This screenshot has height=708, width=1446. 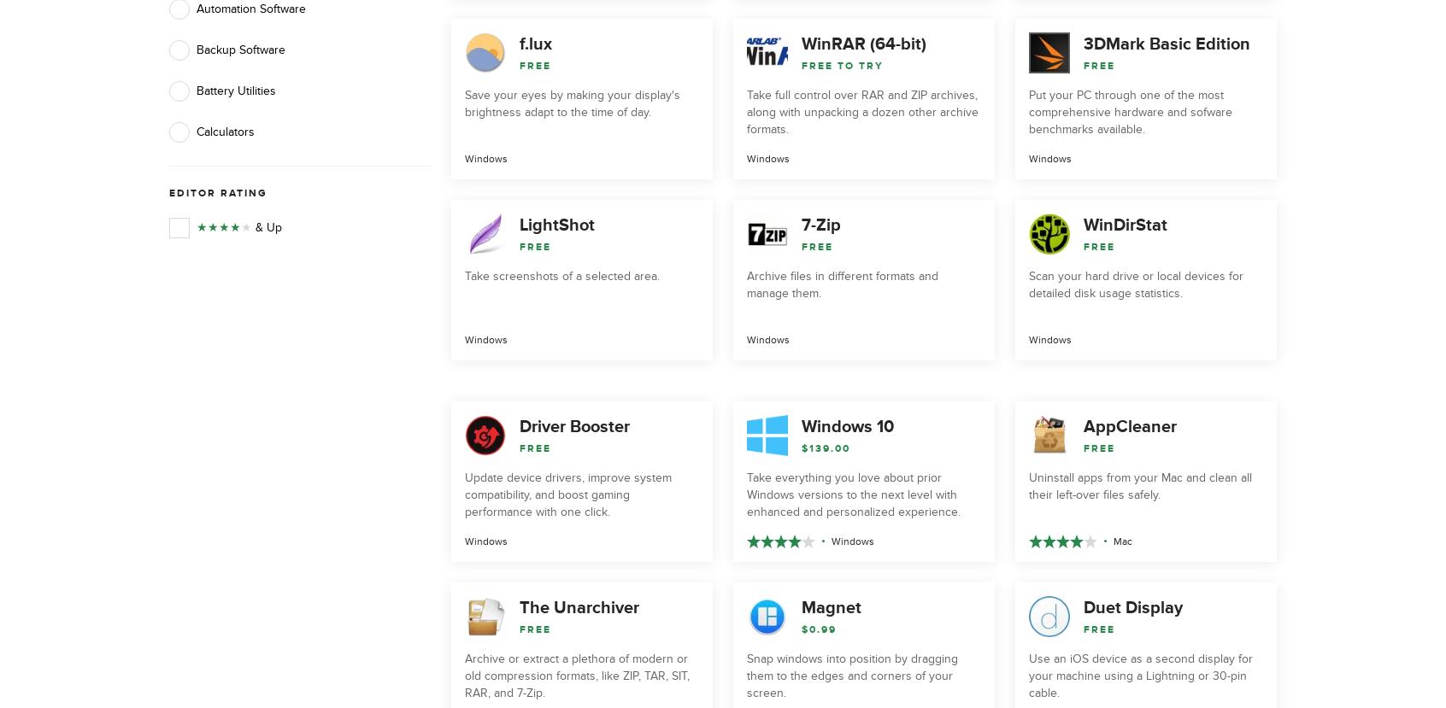 I want to click on '$0.99', so click(x=819, y=628).